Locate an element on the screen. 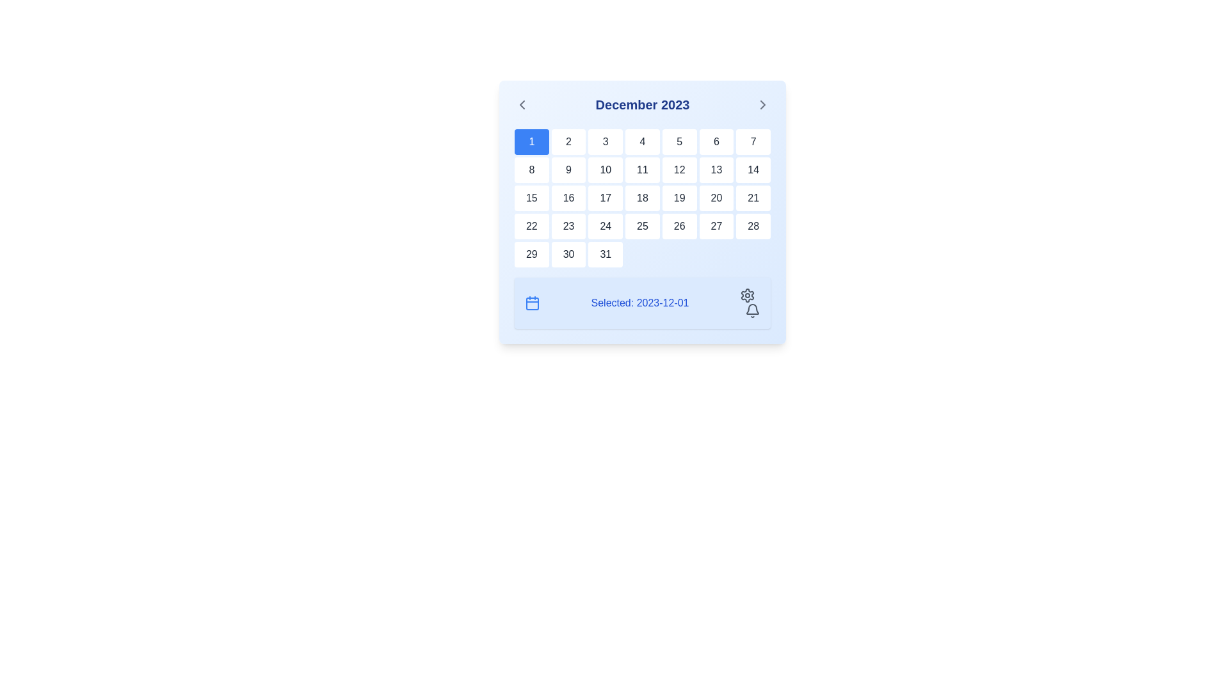 Image resolution: width=1229 pixels, height=691 pixels. the button labeled '11' in the calendar grid of the December 2023 popup is located at coordinates (642, 170).